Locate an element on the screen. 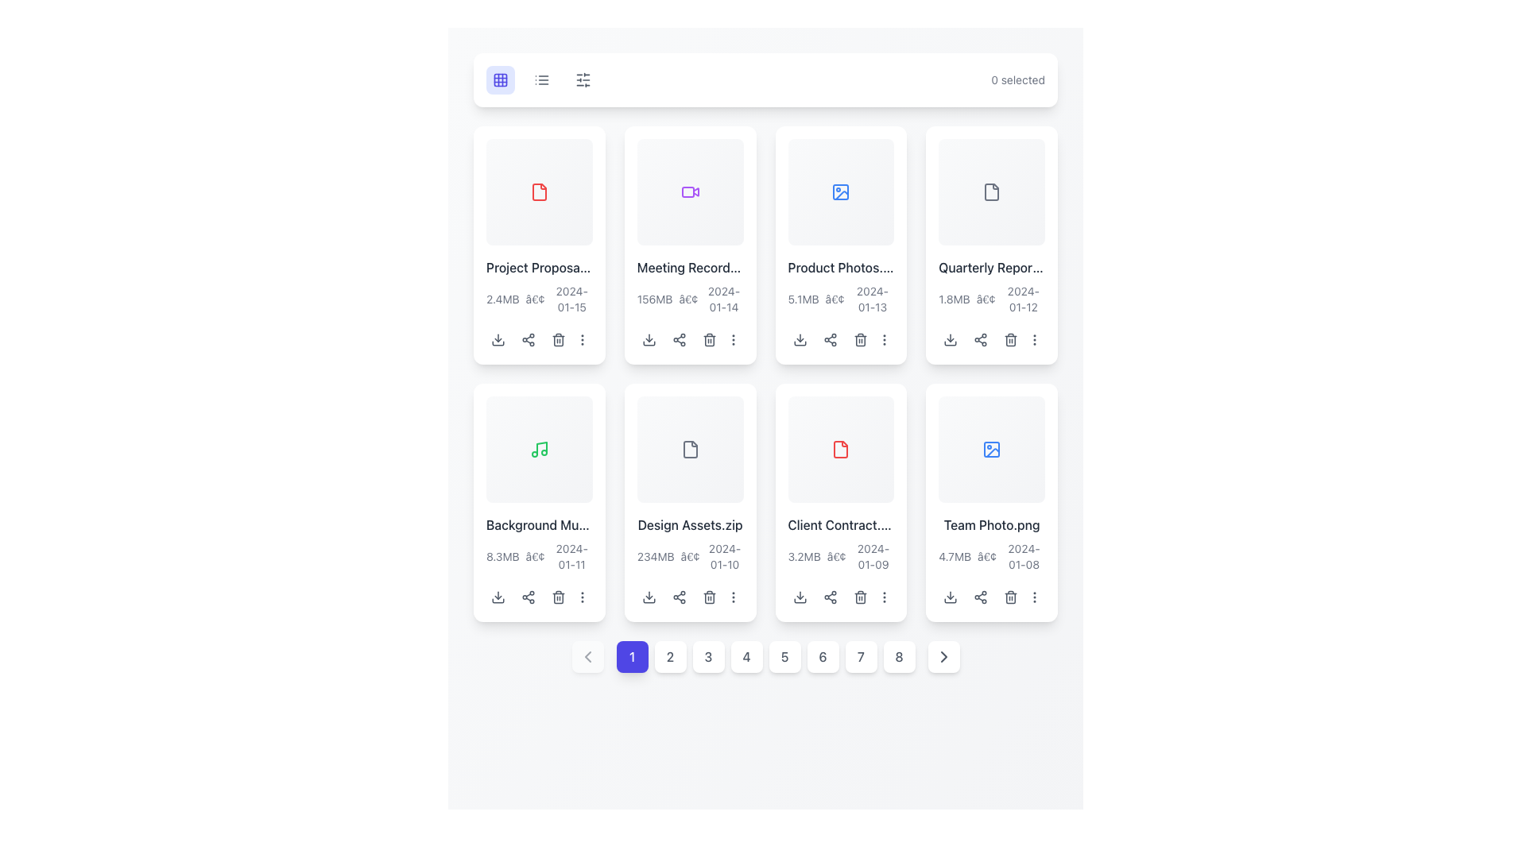 This screenshot has width=1526, height=858. the trash bin icon button located below the 'Quarterly Report' item in the grid layout is located at coordinates (1010, 338).